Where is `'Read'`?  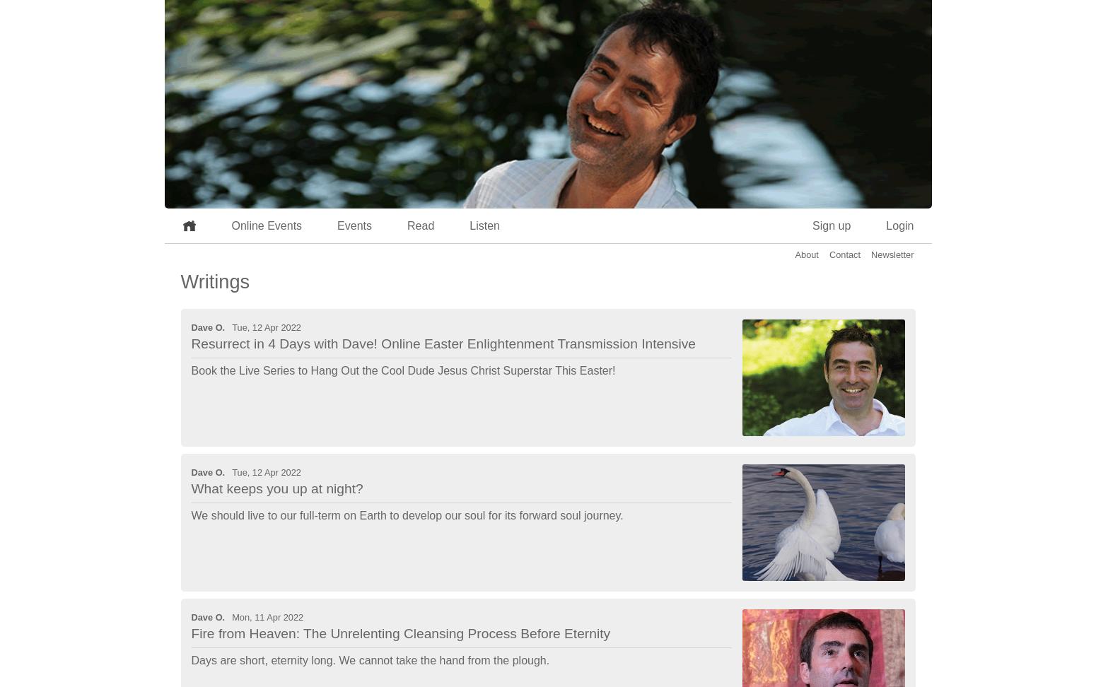
'Read' is located at coordinates (421, 225).